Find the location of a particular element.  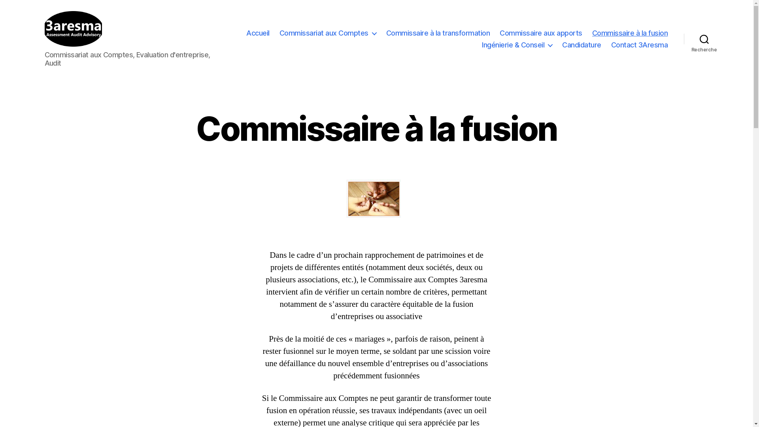

'Contact 3Aresma' is located at coordinates (639, 45).